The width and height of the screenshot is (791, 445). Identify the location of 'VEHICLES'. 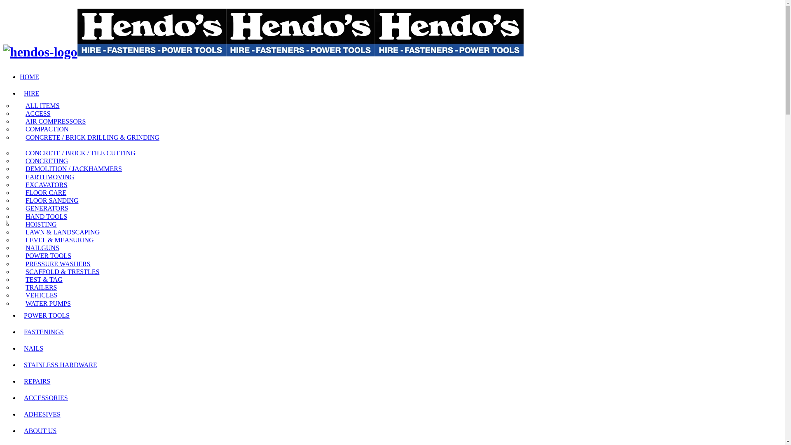
(39, 295).